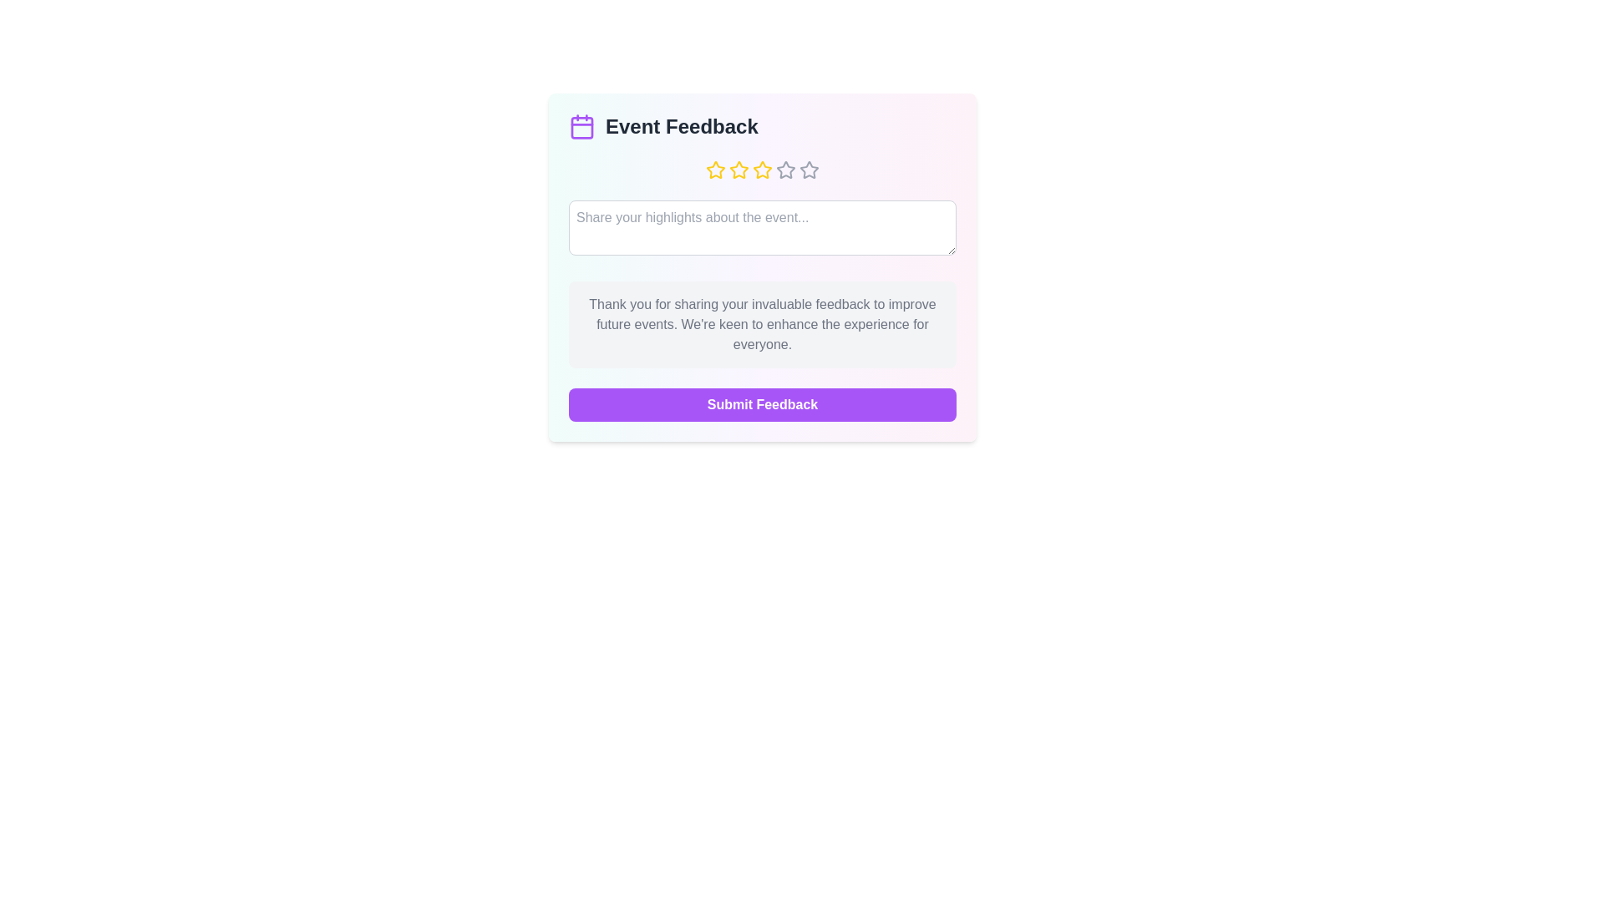 This screenshot has width=1604, height=902. What do you see at coordinates (738, 170) in the screenshot?
I see `the event rating to 2 stars by clicking on the corresponding star` at bounding box center [738, 170].